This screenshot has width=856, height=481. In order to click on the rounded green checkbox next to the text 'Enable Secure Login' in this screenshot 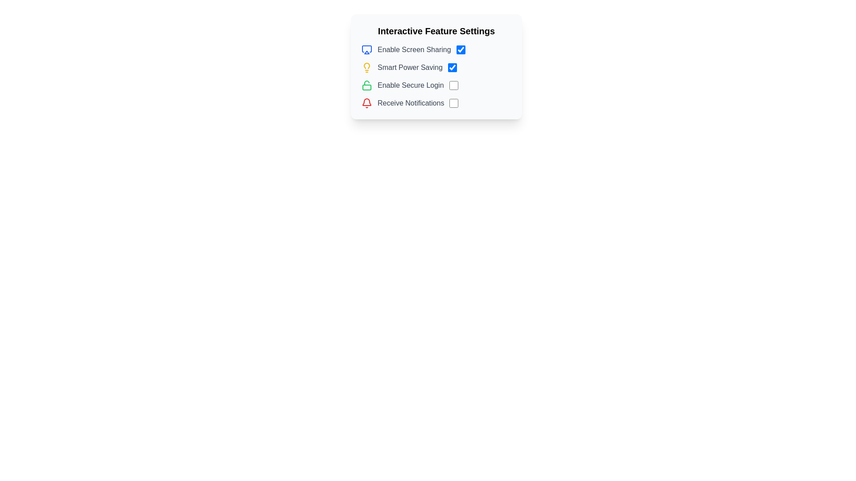, I will do `click(453, 86)`.